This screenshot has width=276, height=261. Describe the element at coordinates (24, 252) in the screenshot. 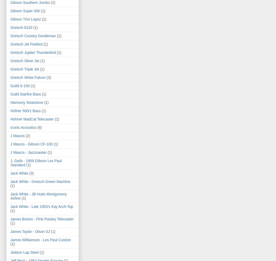

I see `'Jedson Lap Steel'` at that location.